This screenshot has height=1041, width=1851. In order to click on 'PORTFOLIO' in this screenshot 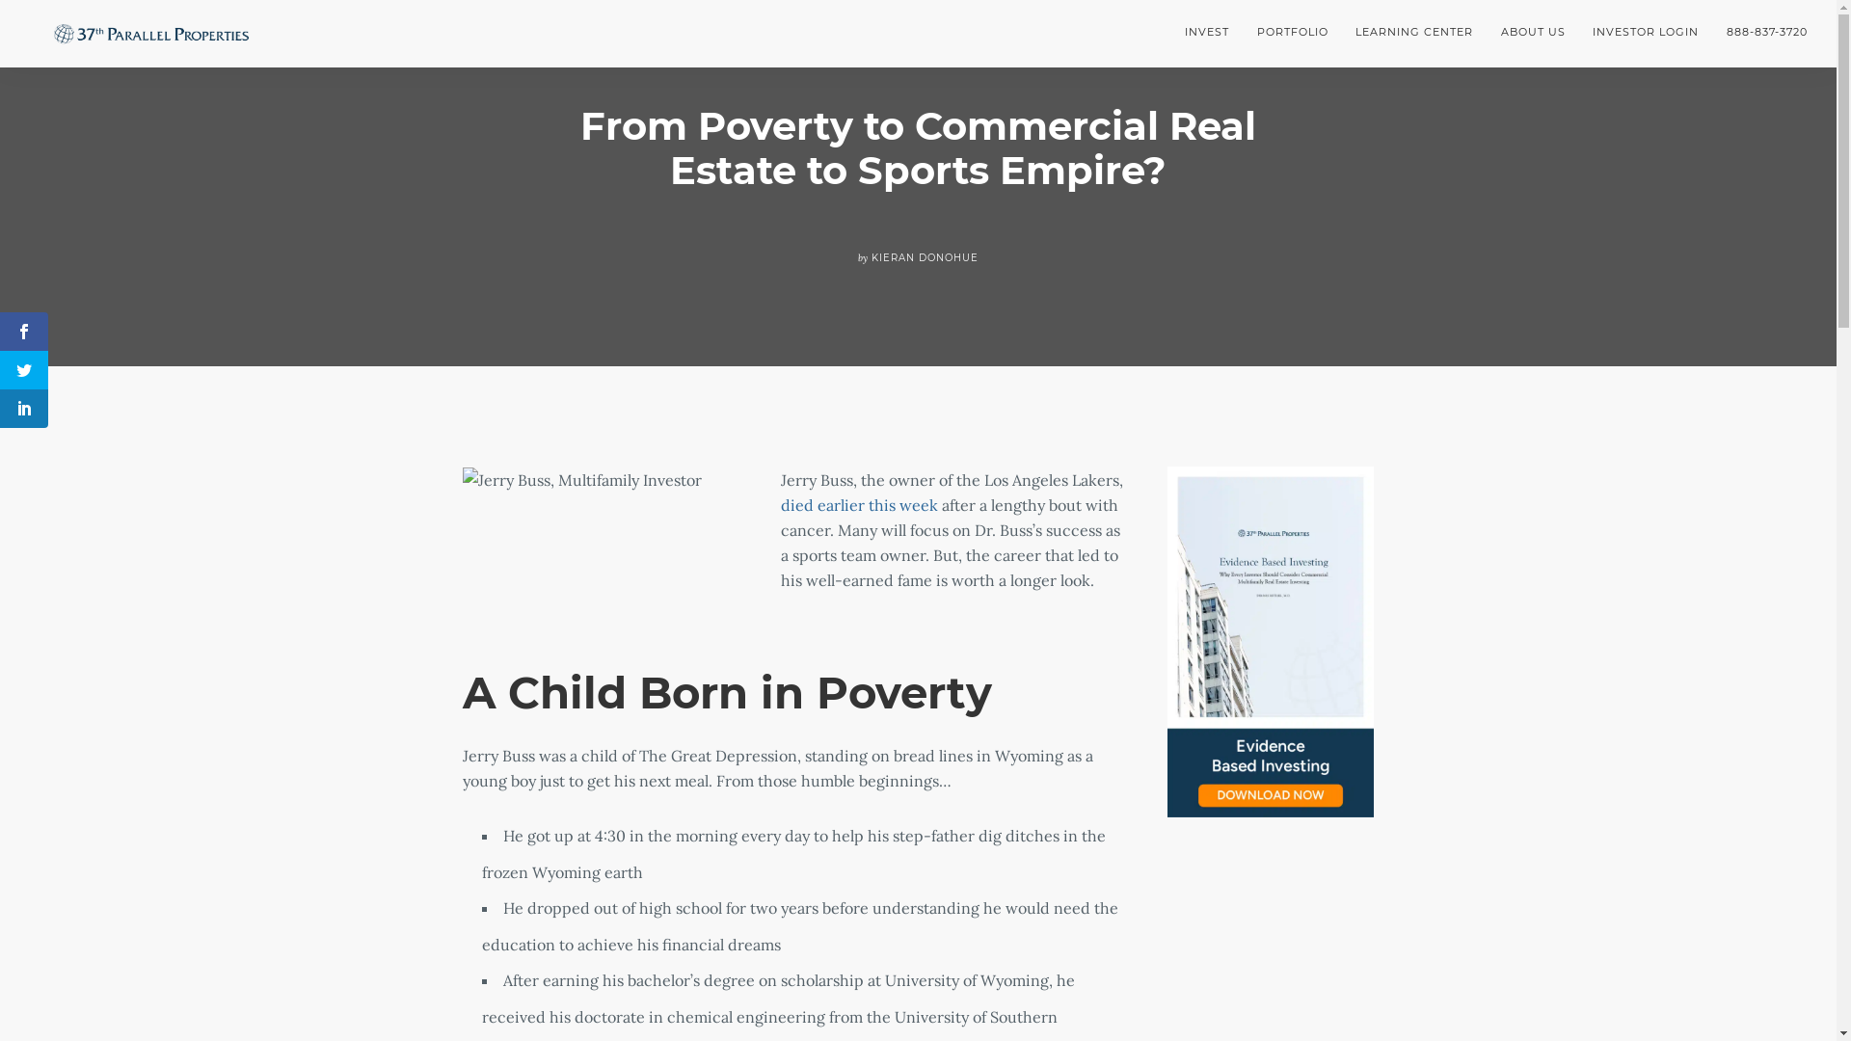, I will do `click(1243, 32)`.